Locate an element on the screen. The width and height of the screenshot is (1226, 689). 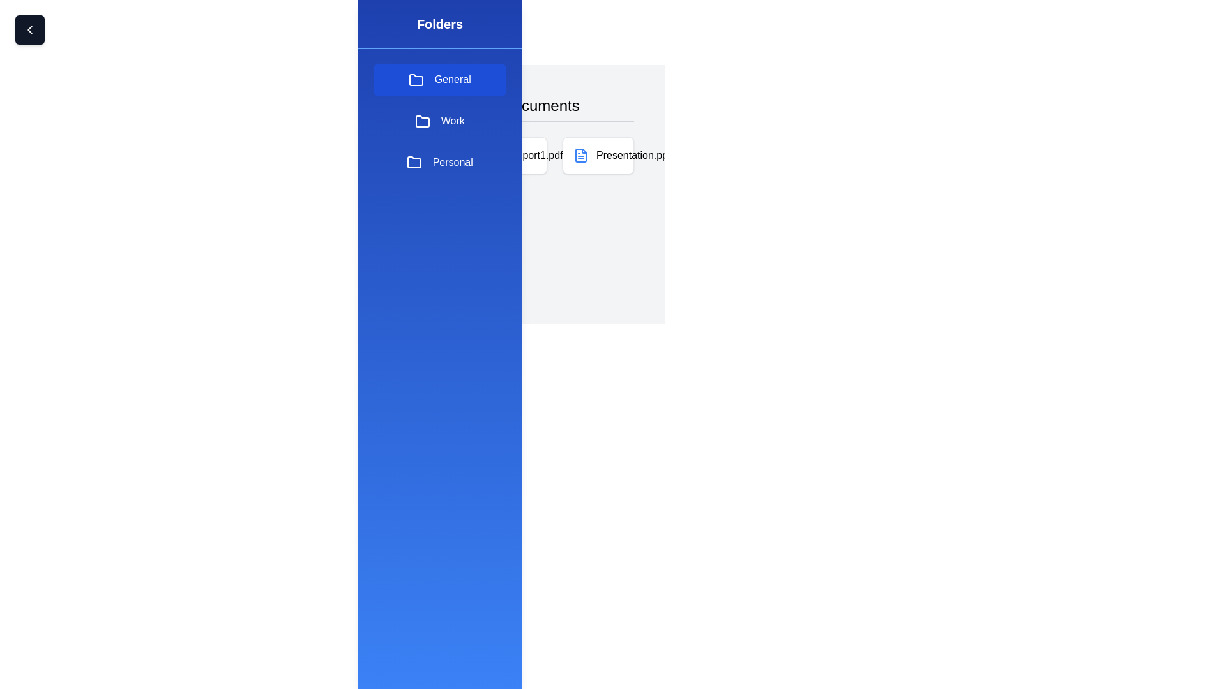
the first folder icon in the sidebar, which is styled in blue and white and located near the label 'Personal' is located at coordinates (407, 154).